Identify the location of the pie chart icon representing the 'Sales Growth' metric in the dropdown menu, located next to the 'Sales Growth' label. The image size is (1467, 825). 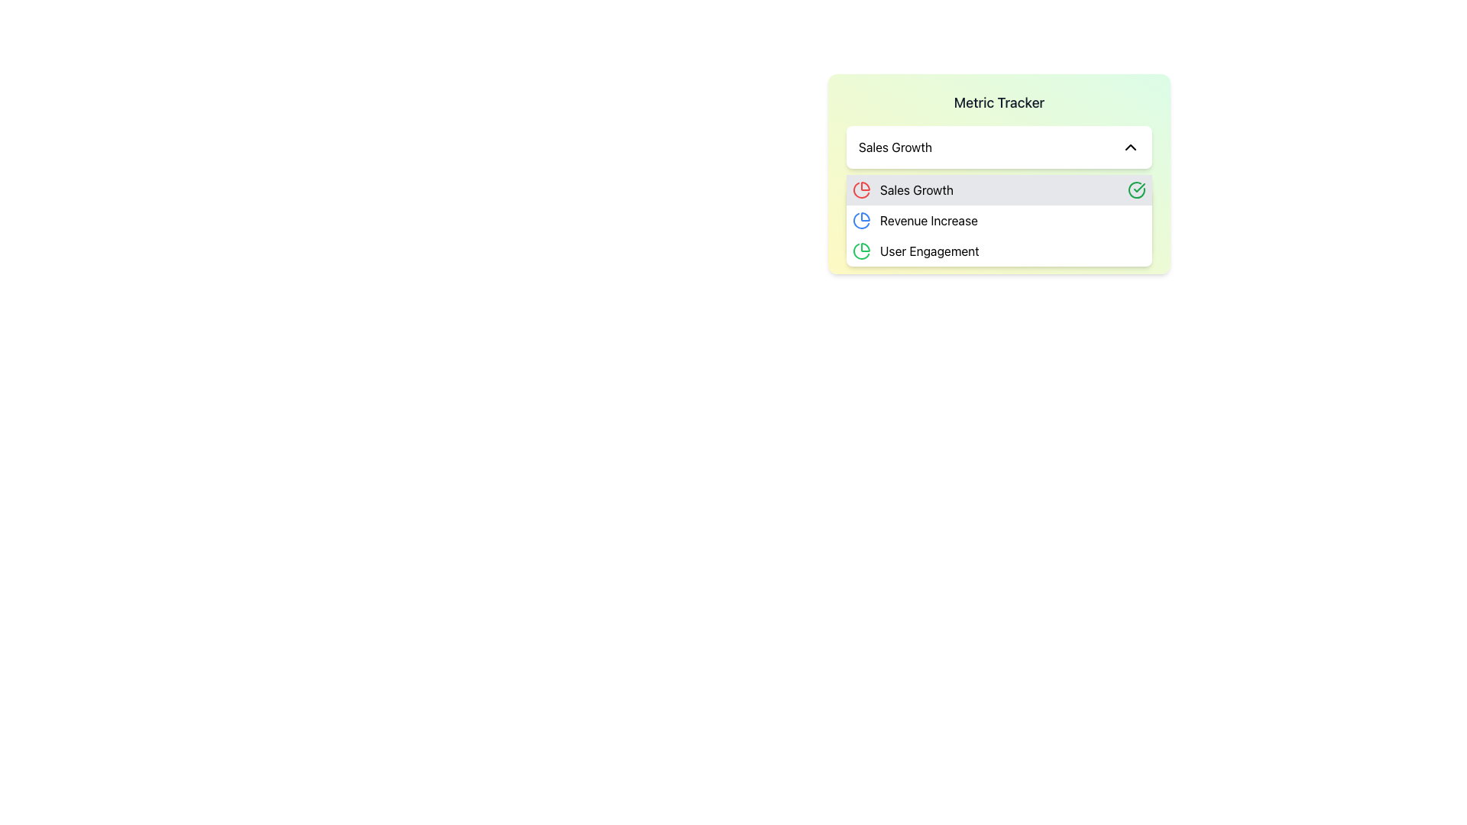
(865, 185).